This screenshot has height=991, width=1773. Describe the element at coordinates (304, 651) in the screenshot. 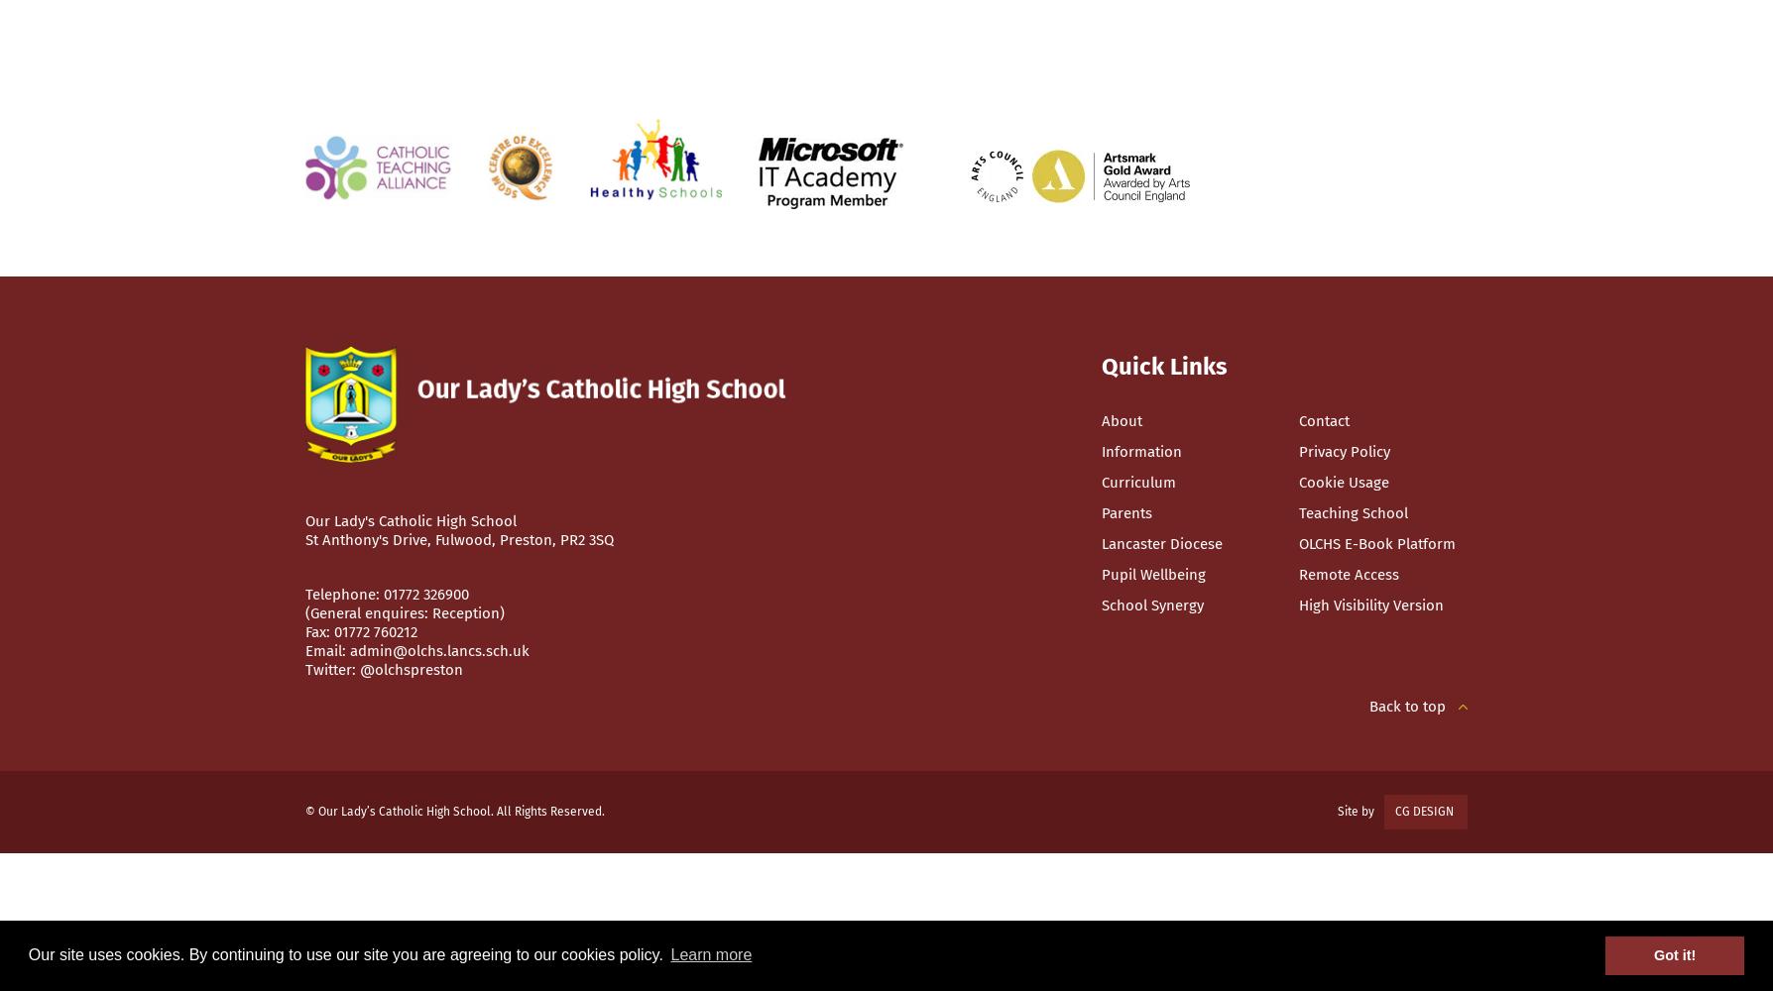

I see `'Email:'` at that location.